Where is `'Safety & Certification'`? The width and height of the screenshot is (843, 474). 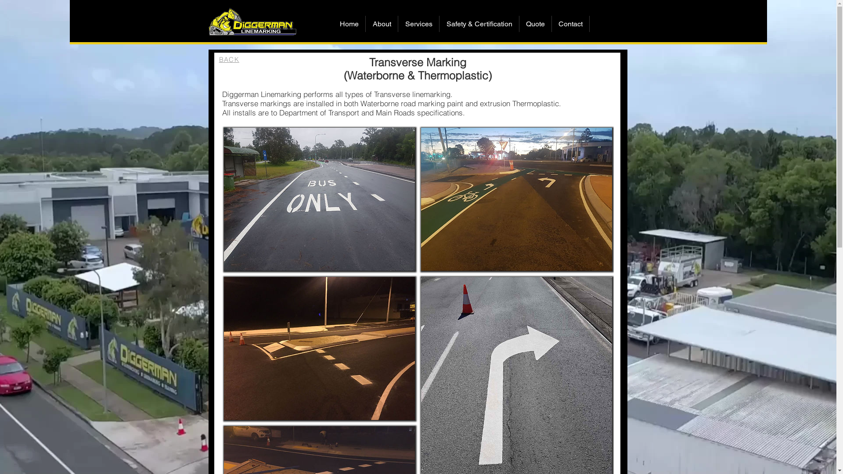 'Safety & Certification' is located at coordinates (479, 23).